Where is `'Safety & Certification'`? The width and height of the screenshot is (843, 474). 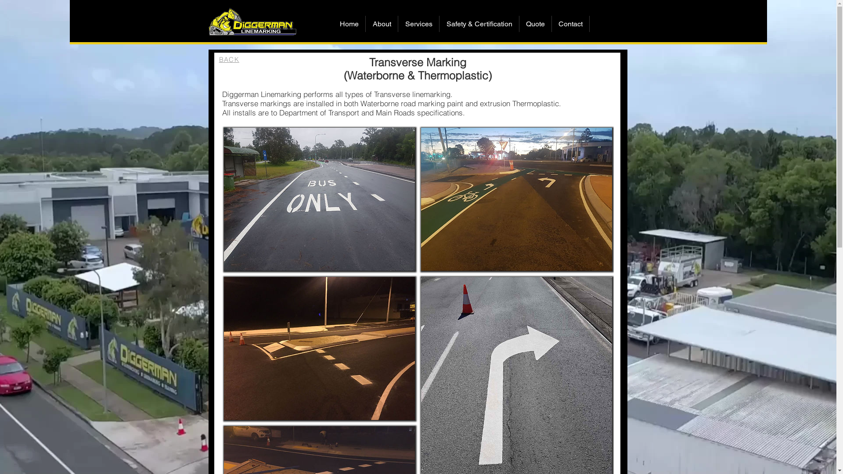 'Safety & Certification' is located at coordinates (479, 23).